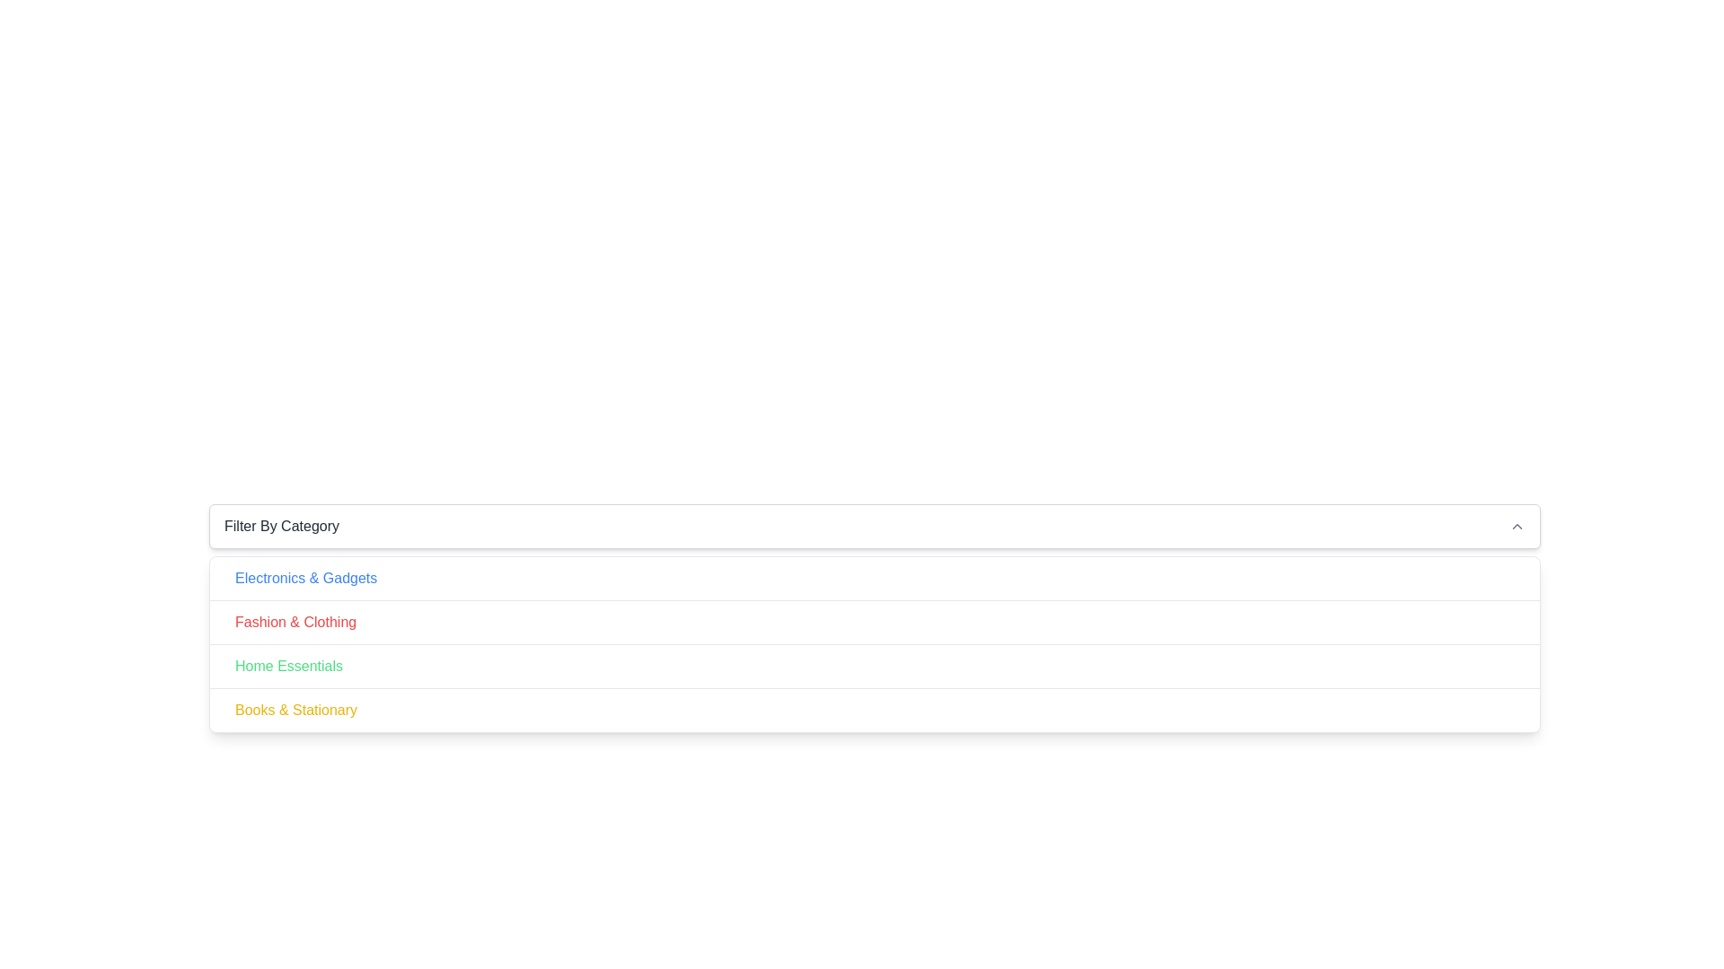  Describe the element at coordinates (875, 621) in the screenshot. I see `the 'Fashion & Clothing' list item, which is the second item in a vertical list of categories` at that location.